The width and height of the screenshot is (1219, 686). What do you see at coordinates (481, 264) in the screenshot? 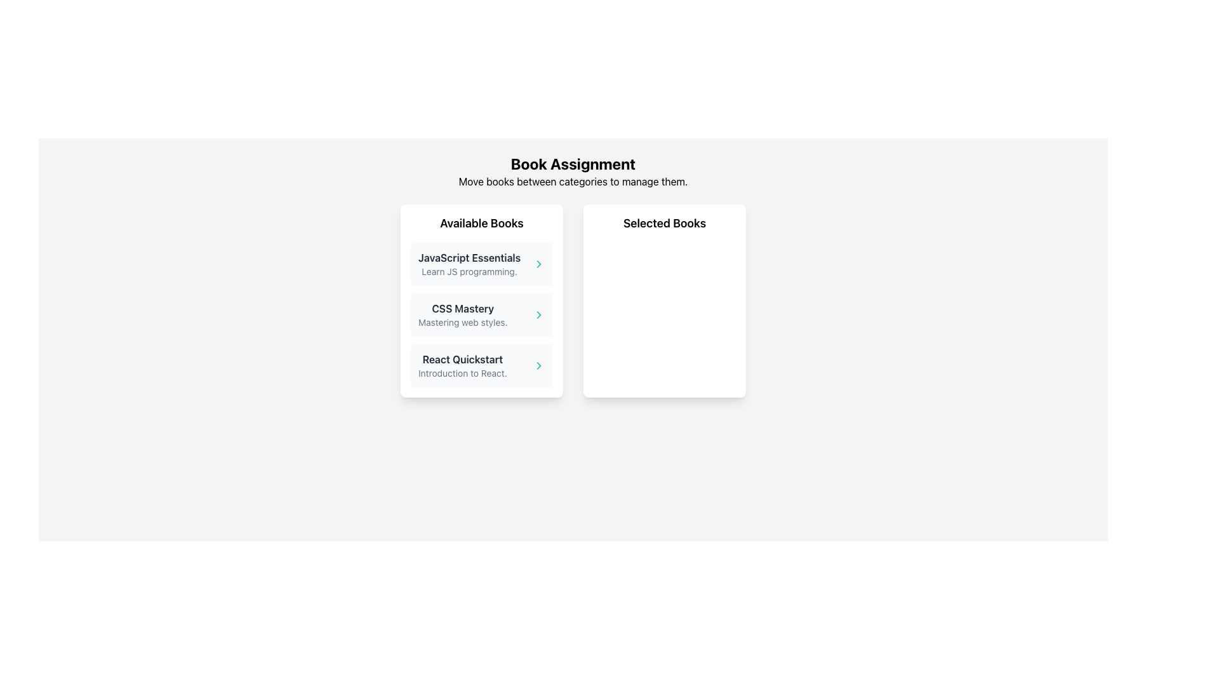
I see `the first list item in the 'Available Books' section that represents the book titled 'JavaScript Essentials'` at bounding box center [481, 264].